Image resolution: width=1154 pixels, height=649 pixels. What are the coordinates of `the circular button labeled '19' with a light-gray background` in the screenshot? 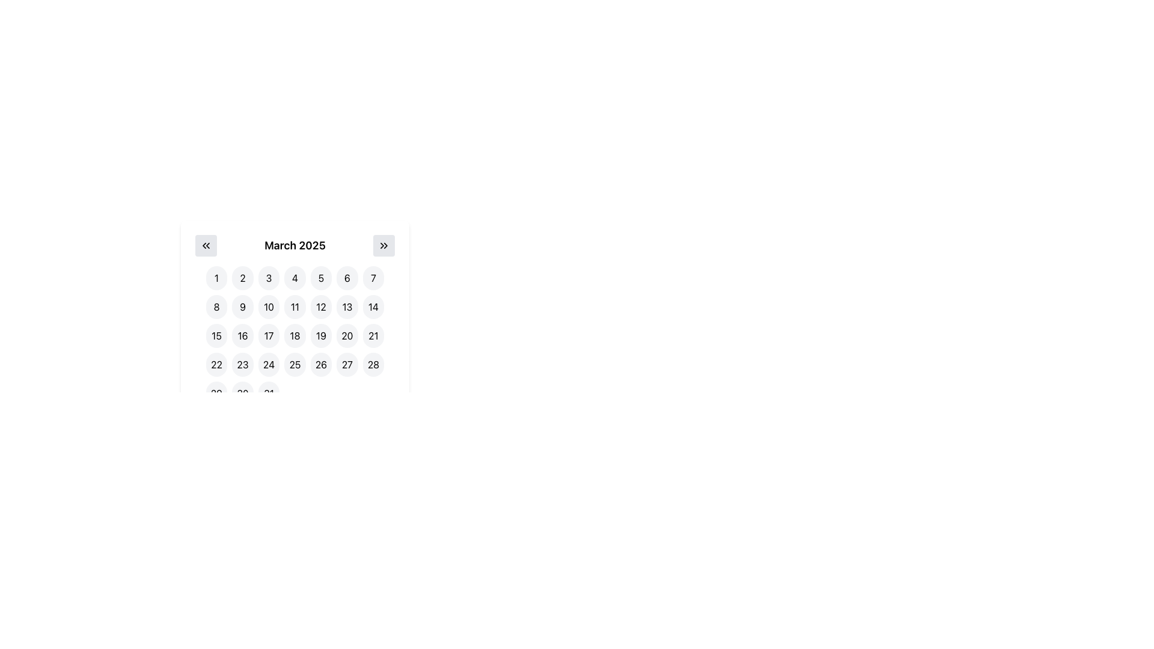 It's located at (321, 336).